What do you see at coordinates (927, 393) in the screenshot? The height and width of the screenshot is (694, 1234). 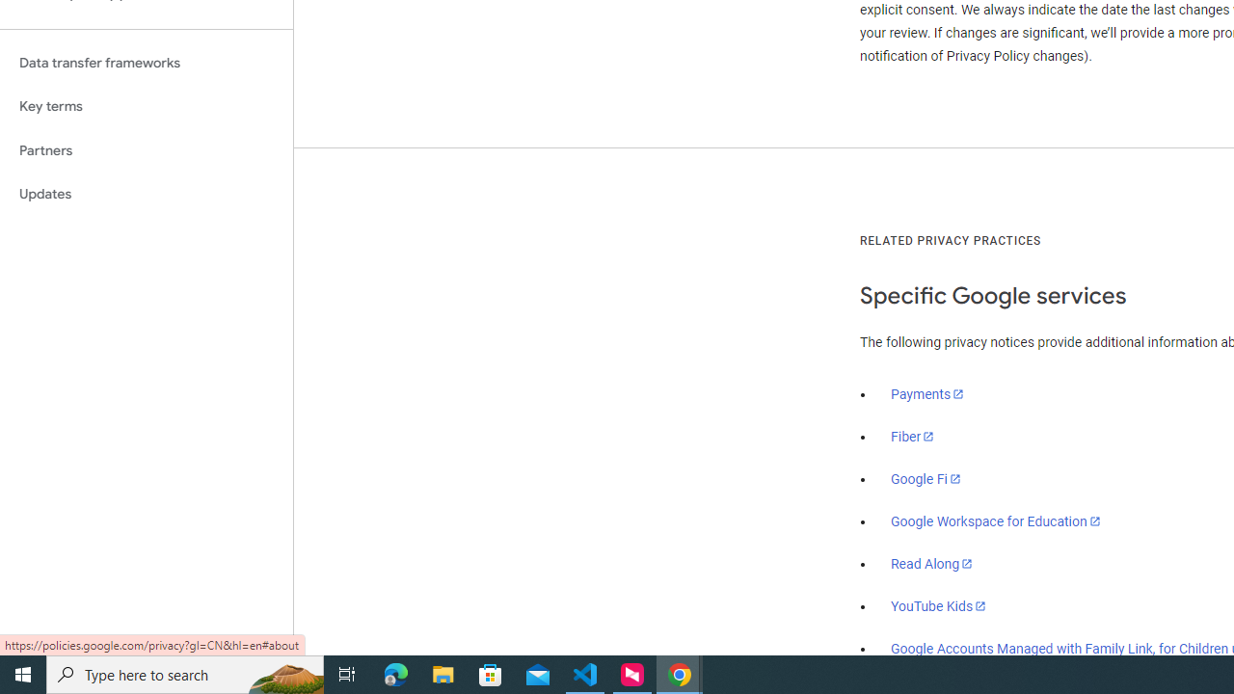 I see `'Payments'` at bounding box center [927, 393].